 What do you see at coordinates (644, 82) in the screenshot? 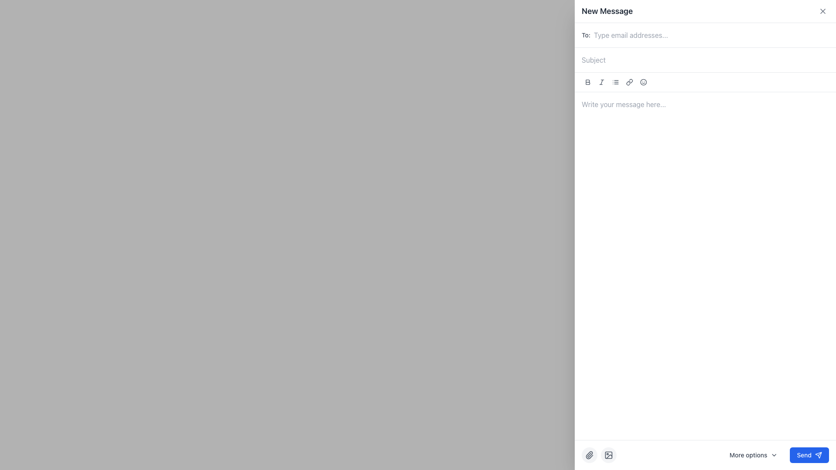
I see `the emoji picker button located on the right side of the toolbar` at bounding box center [644, 82].